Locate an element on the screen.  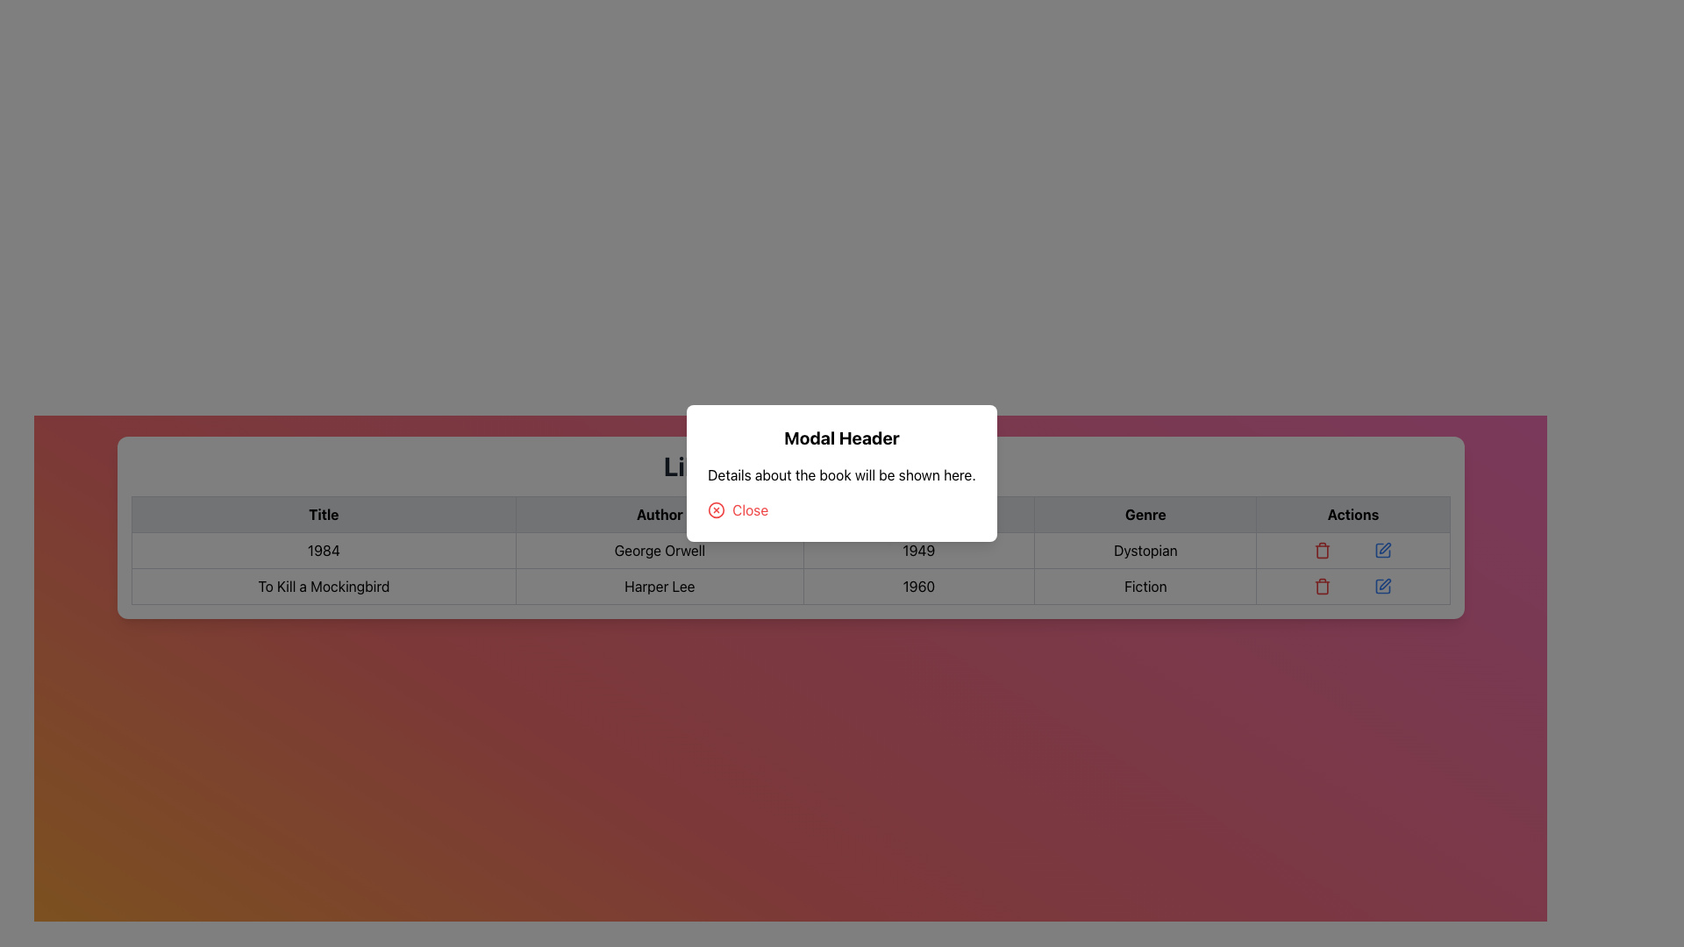
the edit action icon located in the 'Actions' column of the second row in the table, which serves as a trigger for modifying data is located at coordinates (1384, 584).